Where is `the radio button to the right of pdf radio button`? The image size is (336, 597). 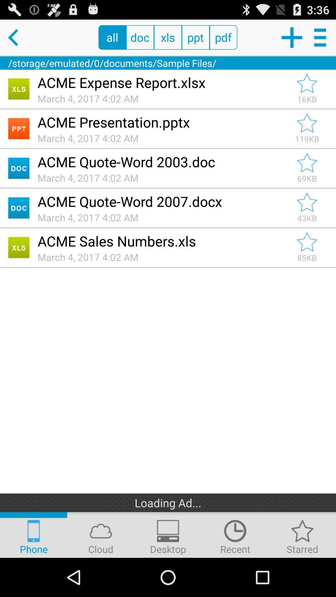
the radio button to the right of pdf radio button is located at coordinates (292, 37).